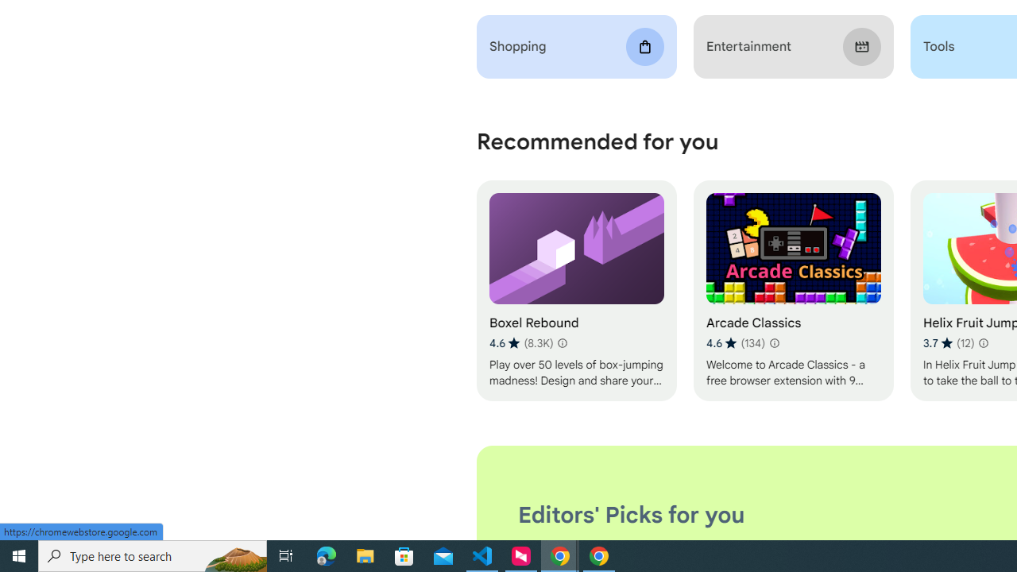  Describe the element at coordinates (575, 291) in the screenshot. I see `'Boxel Rebound'` at that location.